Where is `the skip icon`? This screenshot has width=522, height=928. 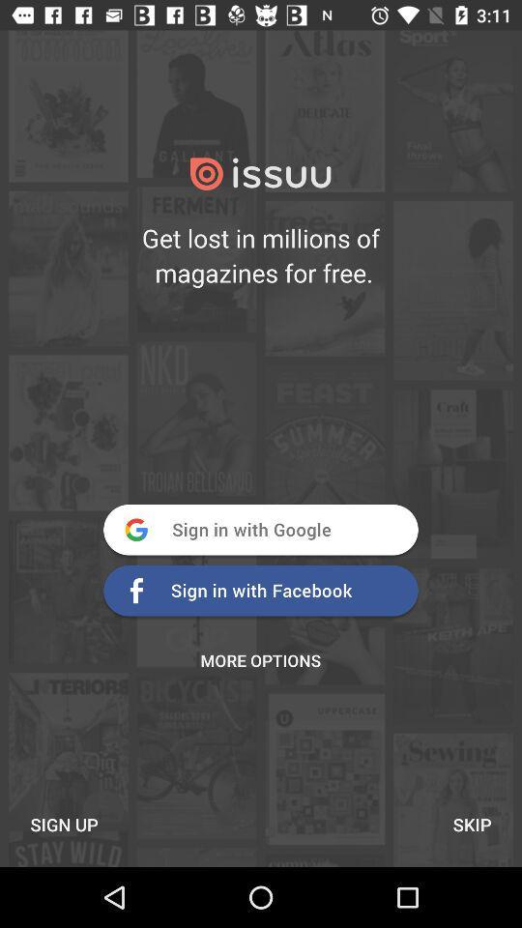
the skip icon is located at coordinates (471, 824).